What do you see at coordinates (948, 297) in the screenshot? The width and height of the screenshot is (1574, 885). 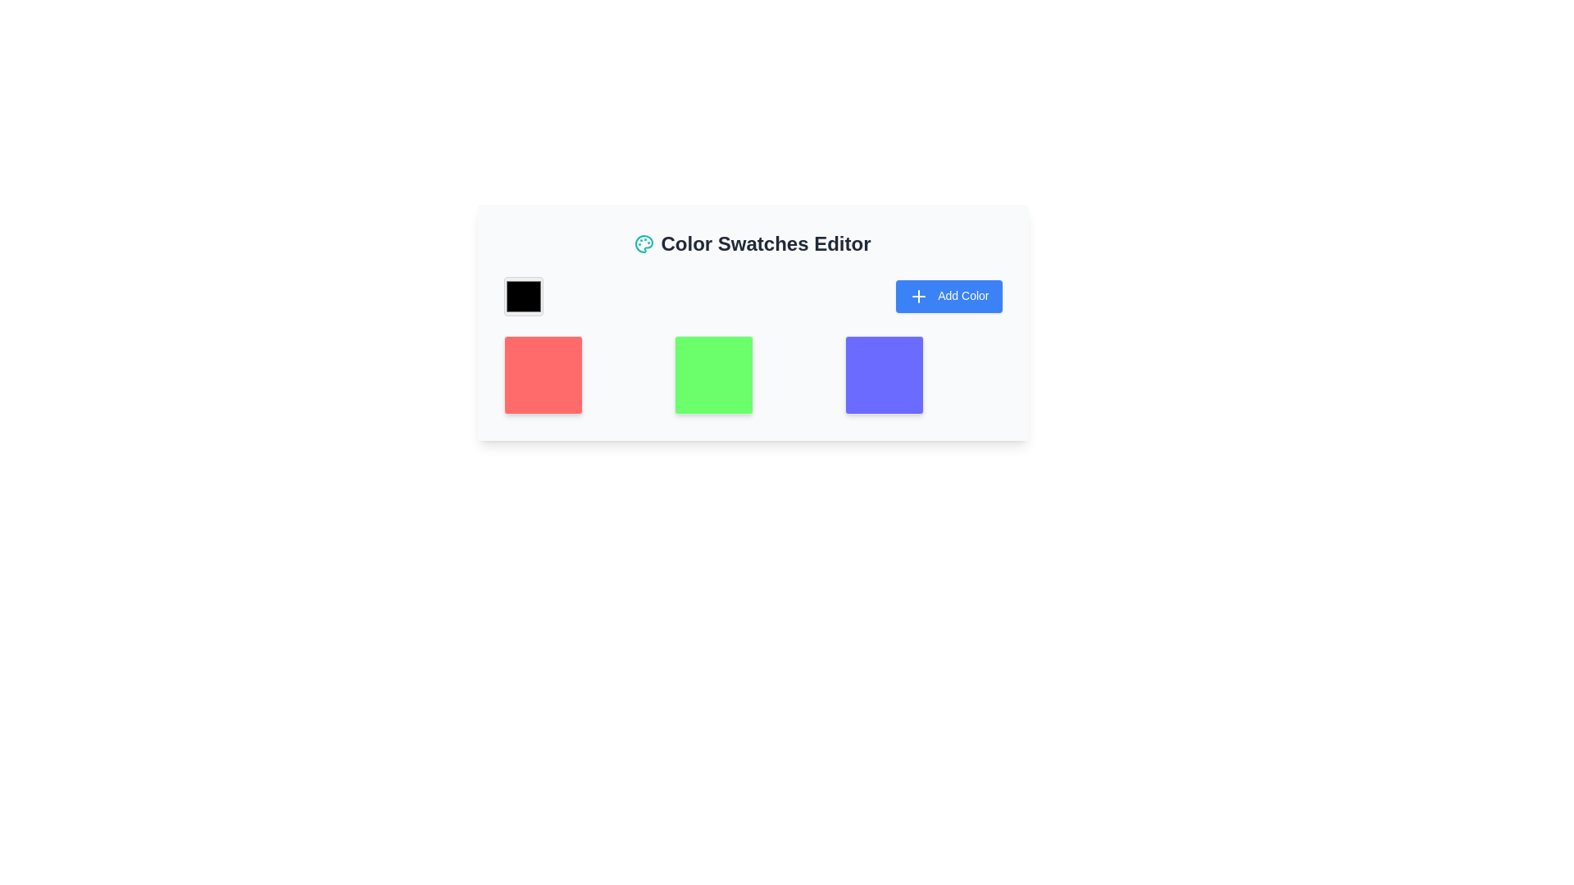 I see `the button that allows the user to add a new color, located in the top-right region of the interface, to observe a style change` at bounding box center [948, 297].